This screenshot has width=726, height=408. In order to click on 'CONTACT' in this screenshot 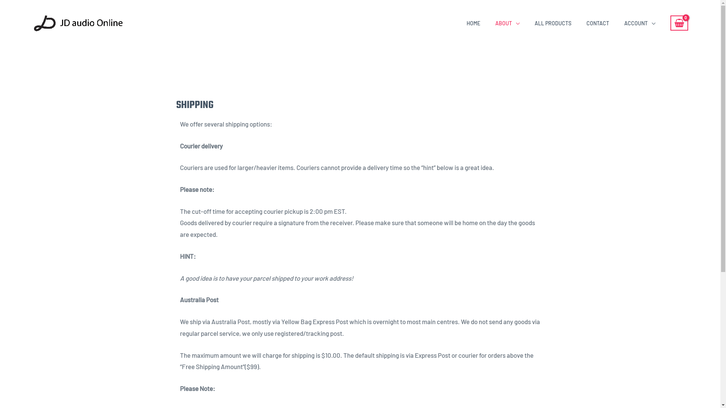, I will do `click(597, 23)`.